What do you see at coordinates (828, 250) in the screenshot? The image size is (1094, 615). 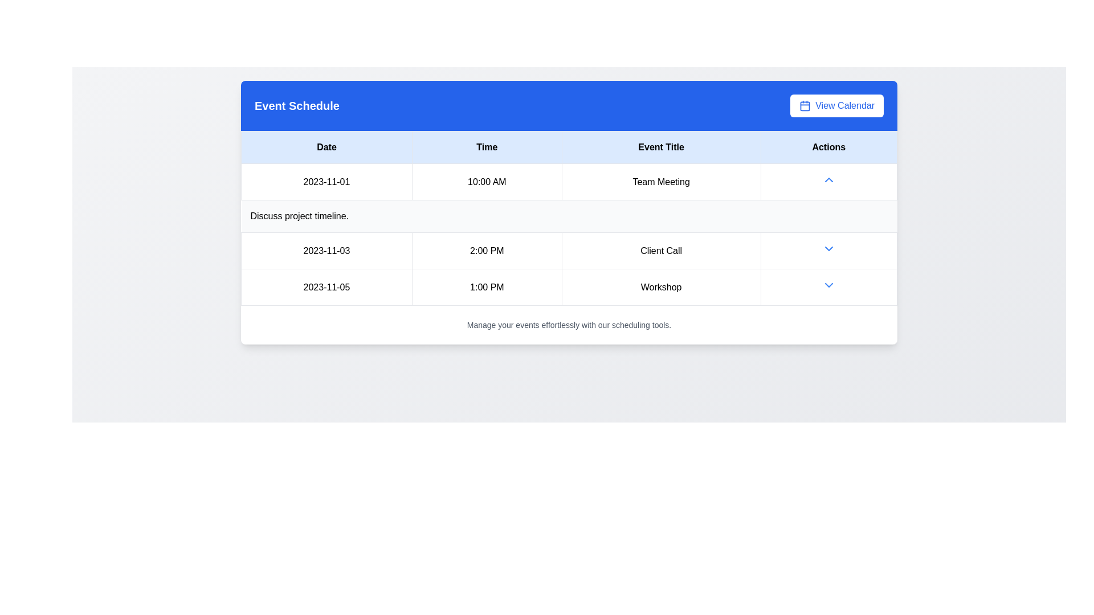 I see `the downward-pointing arrow icon/button located in the 'Actions' column of the 'Client Call' entry` at bounding box center [828, 250].